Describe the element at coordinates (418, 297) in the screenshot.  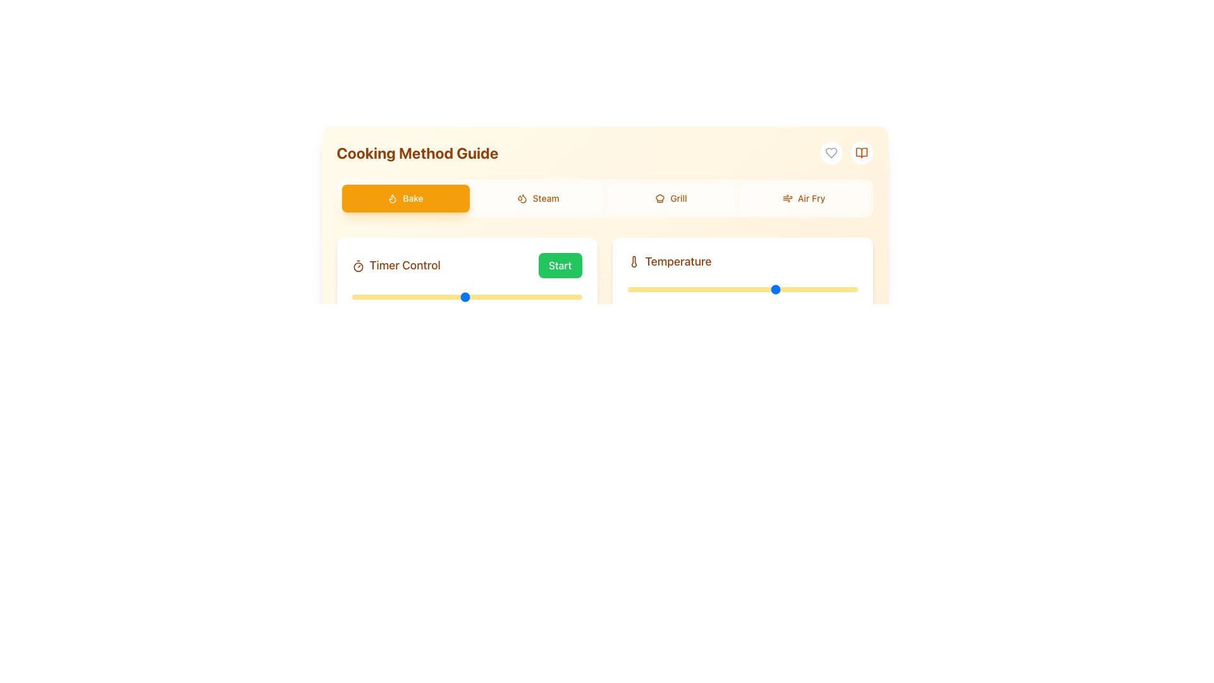
I see `the timer slider` at that location.